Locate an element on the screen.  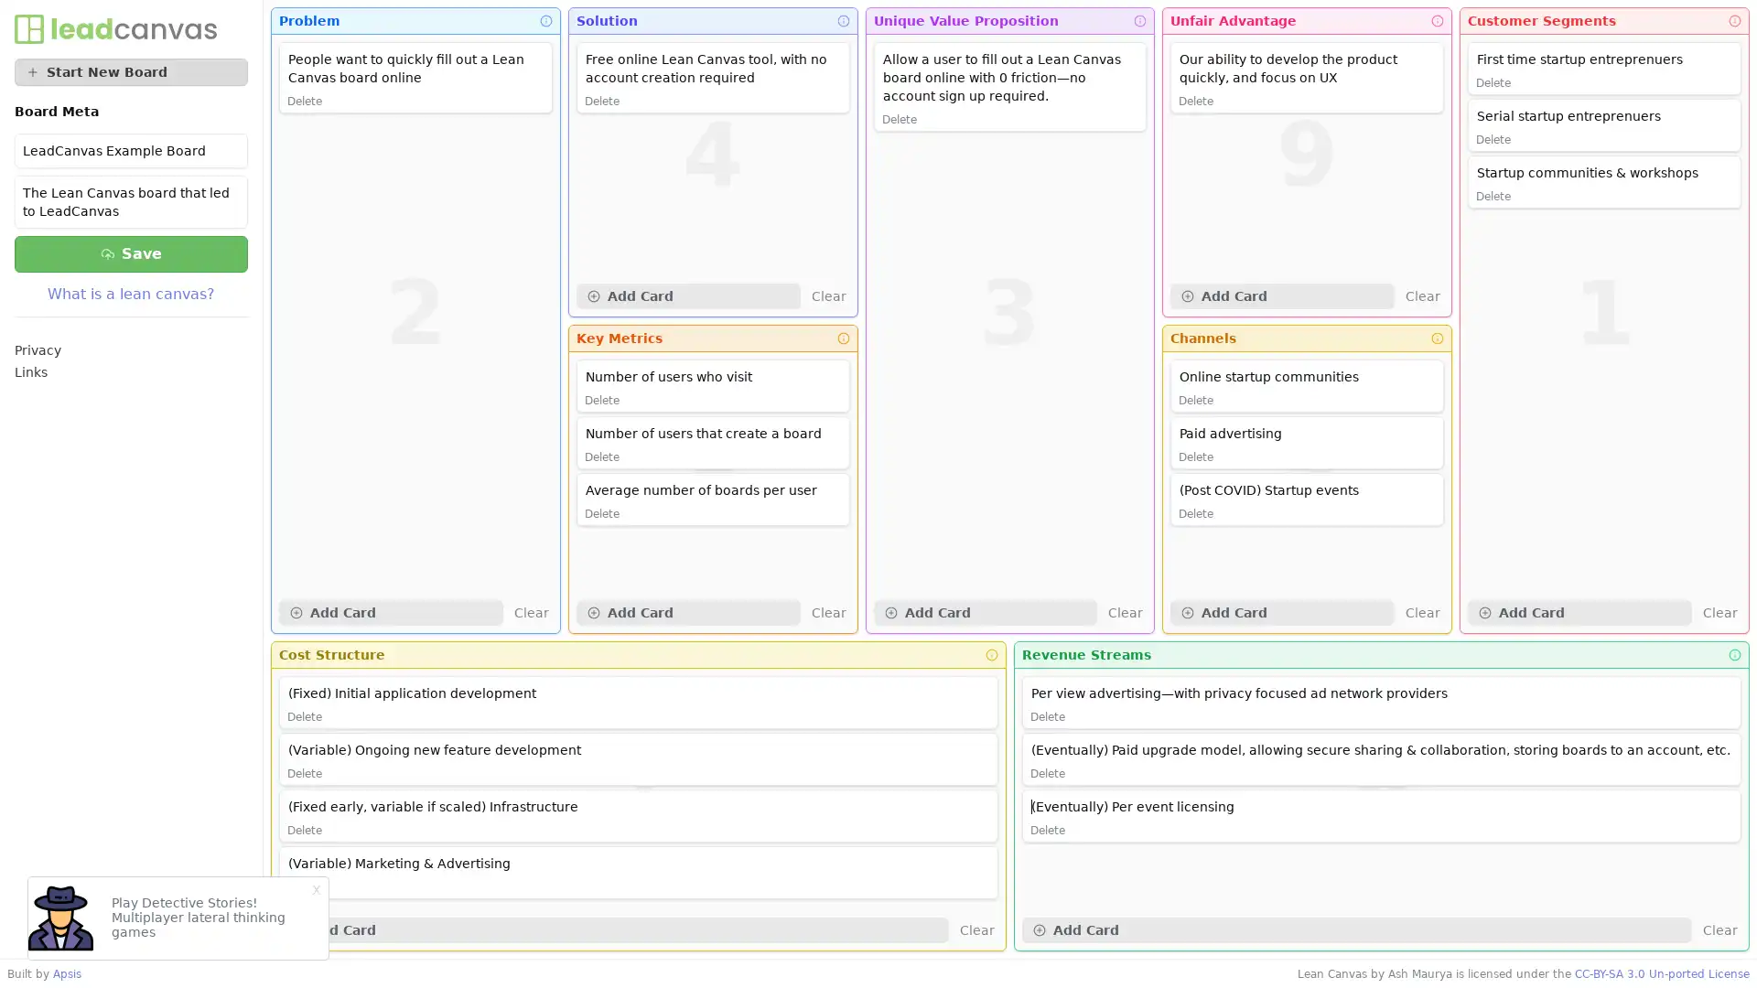
Add Card is located at coordinates (686, 613).